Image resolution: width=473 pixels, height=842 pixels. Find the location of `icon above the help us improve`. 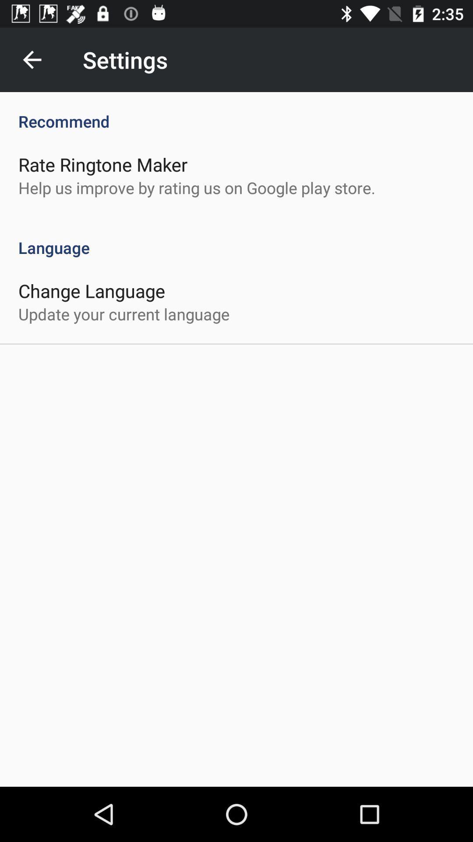

icon above the help us improve is located at coordinates (102, 164).